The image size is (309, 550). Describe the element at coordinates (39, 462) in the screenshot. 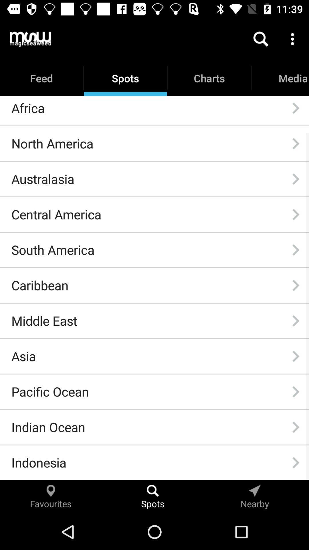

I see `indonesia icon` at that location.